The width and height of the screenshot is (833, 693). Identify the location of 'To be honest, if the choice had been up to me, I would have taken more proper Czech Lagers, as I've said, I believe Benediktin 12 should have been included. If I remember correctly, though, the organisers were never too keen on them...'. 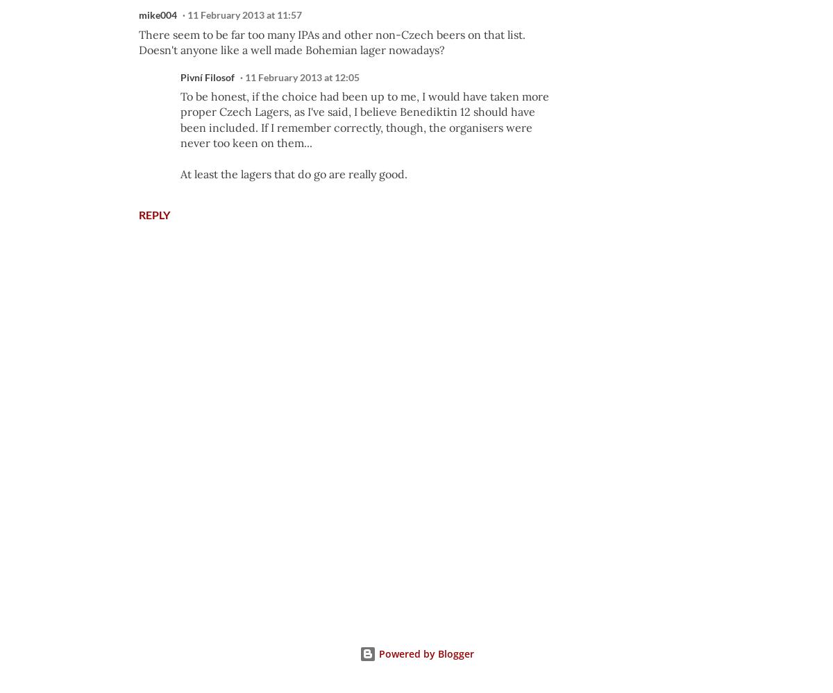
(364, 119).